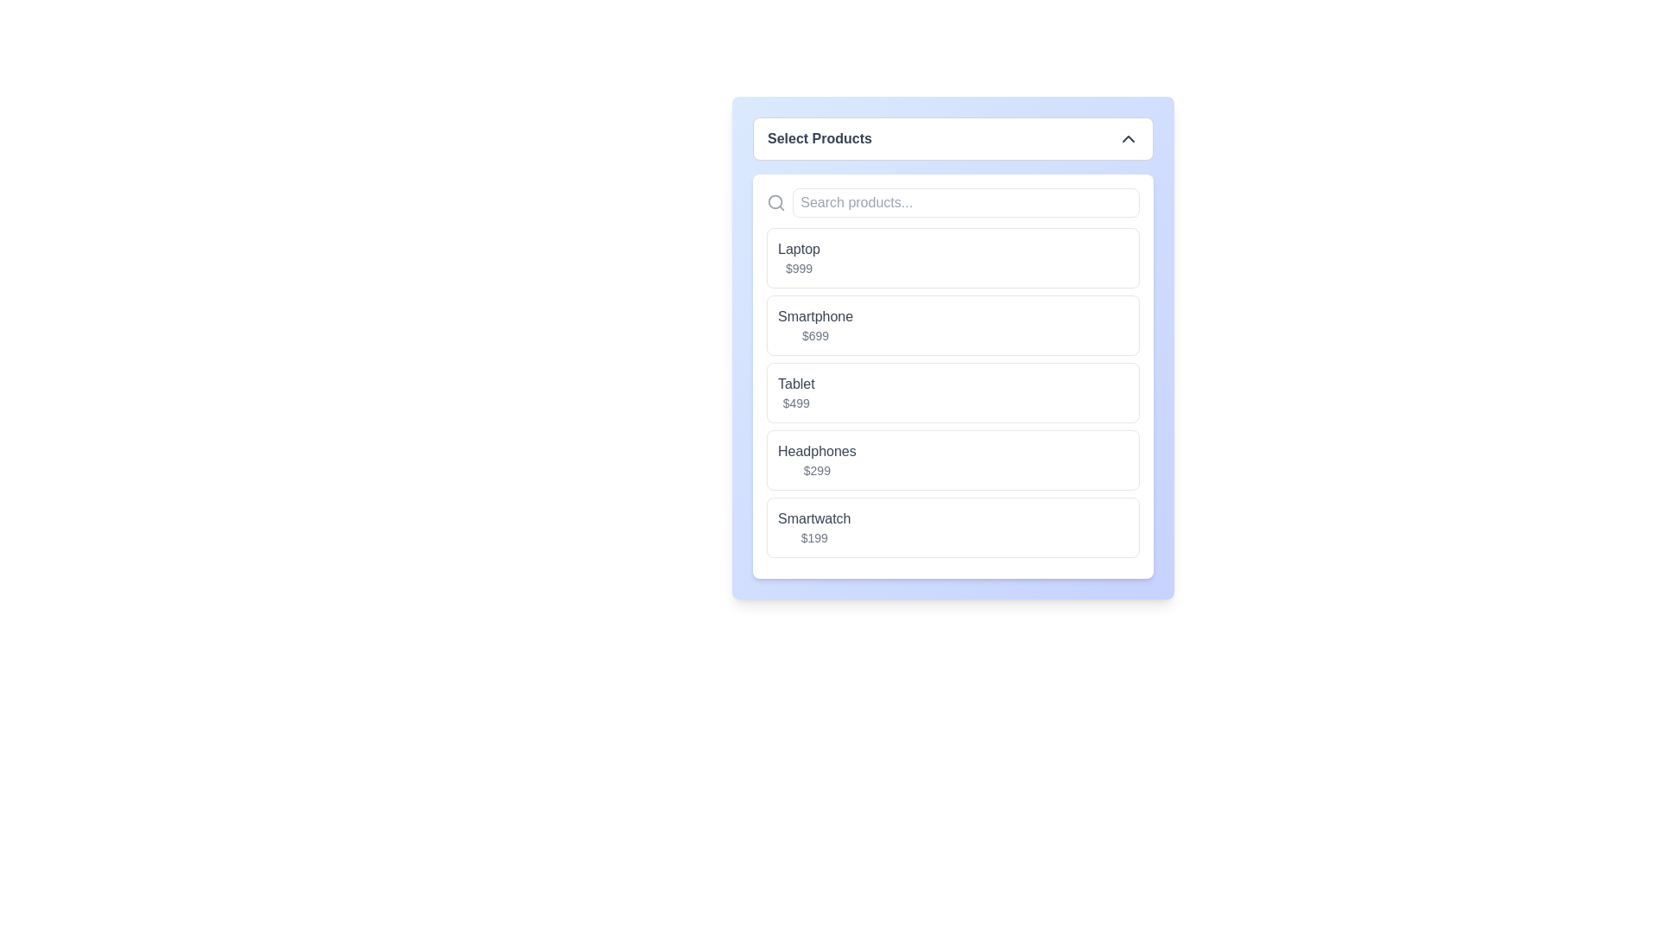 The image size is (1658, 933). Describe the element at coordinates (816, 459) in the screenshot. I see `the selectable product option labeled 'Headphones', which is the third item in the dropdown list` at that location.